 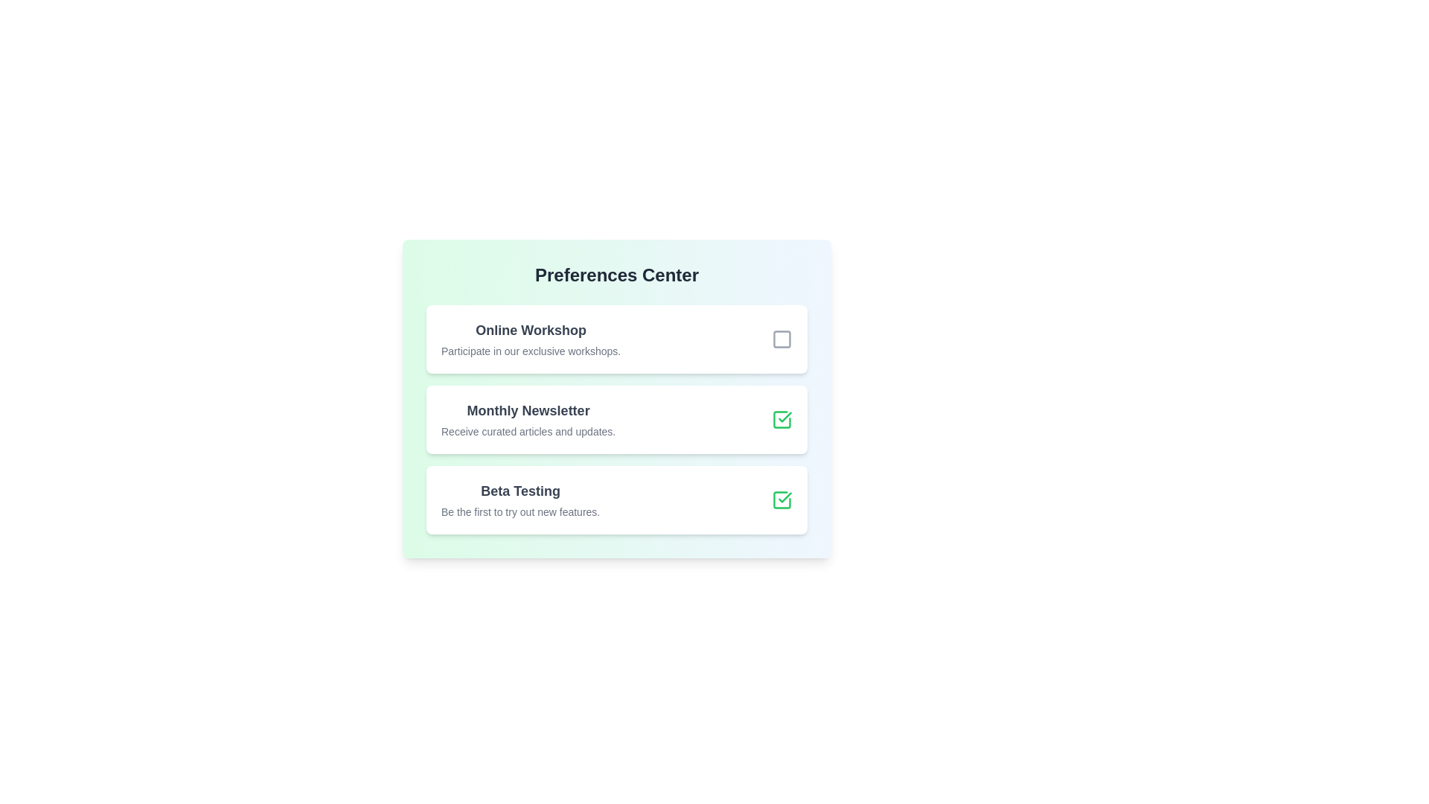 I want to click on the checkbox for 'Monthly Newsletter', which displays a green checkmark inside a square border, so click(x=781, y=419).